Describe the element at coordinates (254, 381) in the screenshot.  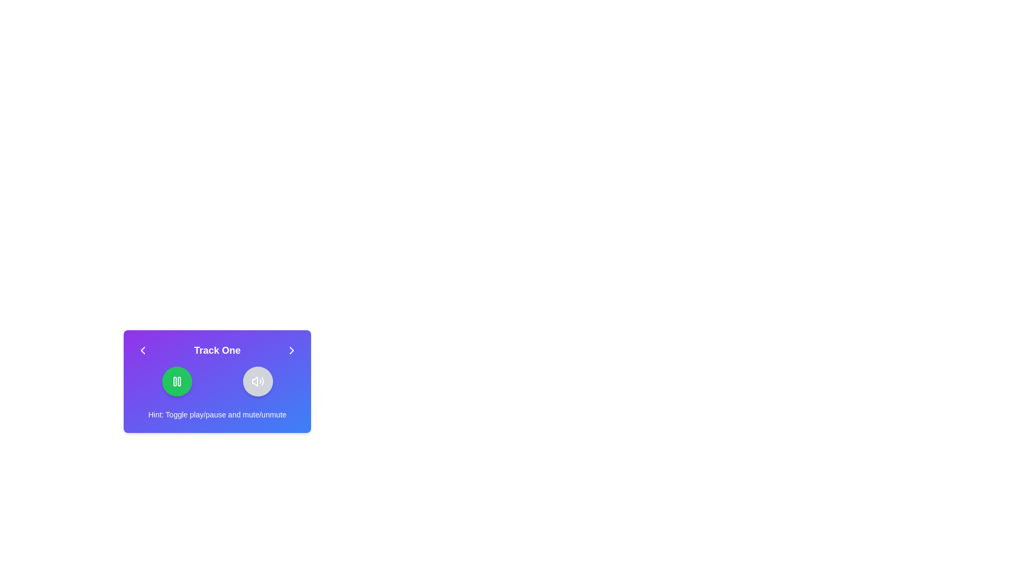
I see `the mute/unmute icon located to the right of the track name and play button` at that location.